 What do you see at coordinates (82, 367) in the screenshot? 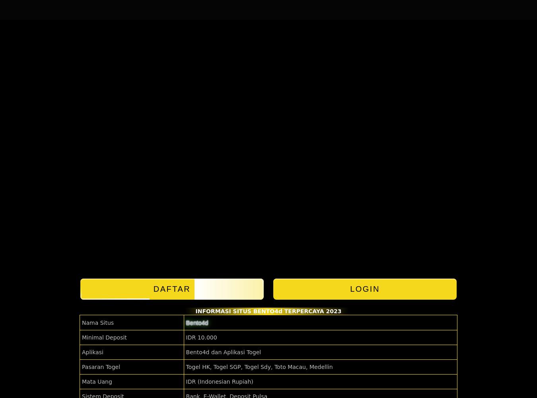
I see `'Pasaran Togel'` at bounding box center [82, 367].